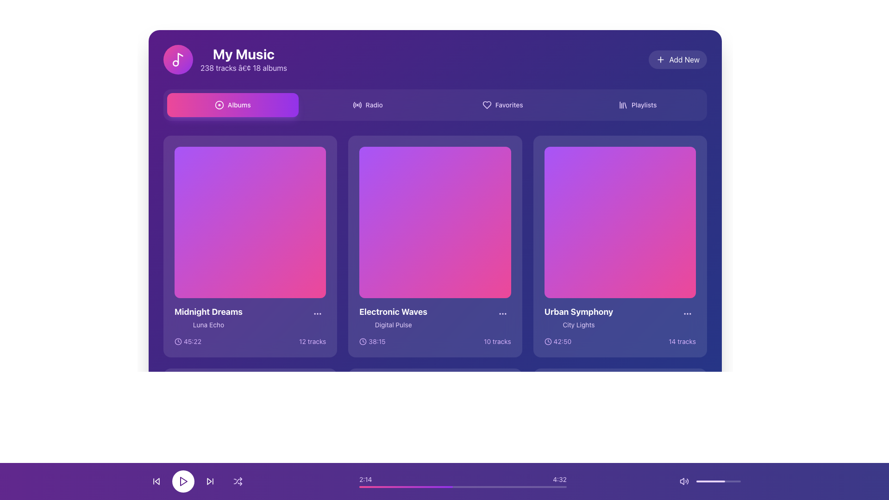  I want to click on the image placeholder representing the album art for 'Midnight Dreams', so click(250, 222).